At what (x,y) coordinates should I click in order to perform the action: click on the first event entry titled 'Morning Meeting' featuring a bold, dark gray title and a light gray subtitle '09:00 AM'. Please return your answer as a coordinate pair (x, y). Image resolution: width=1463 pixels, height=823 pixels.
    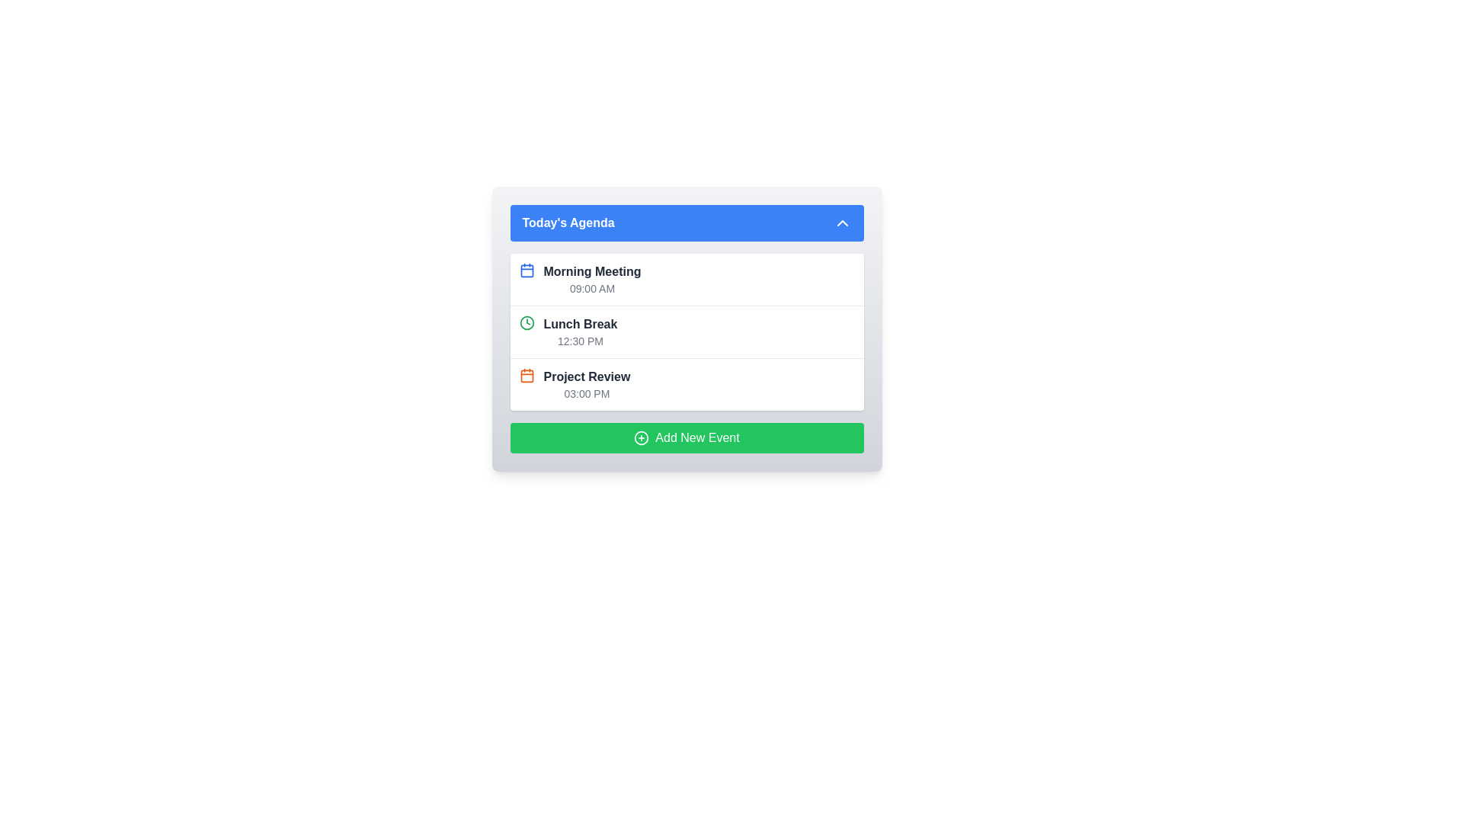
    Looking at the image, I should click on (591, 279).